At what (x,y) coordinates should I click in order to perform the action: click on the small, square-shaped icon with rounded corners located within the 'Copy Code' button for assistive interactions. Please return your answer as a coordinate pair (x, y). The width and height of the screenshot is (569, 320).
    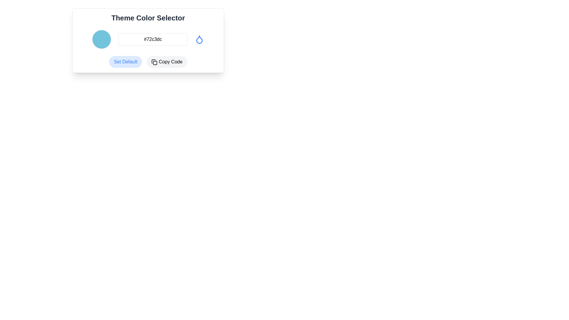
    Looking at the image, I should click on (155, 63).